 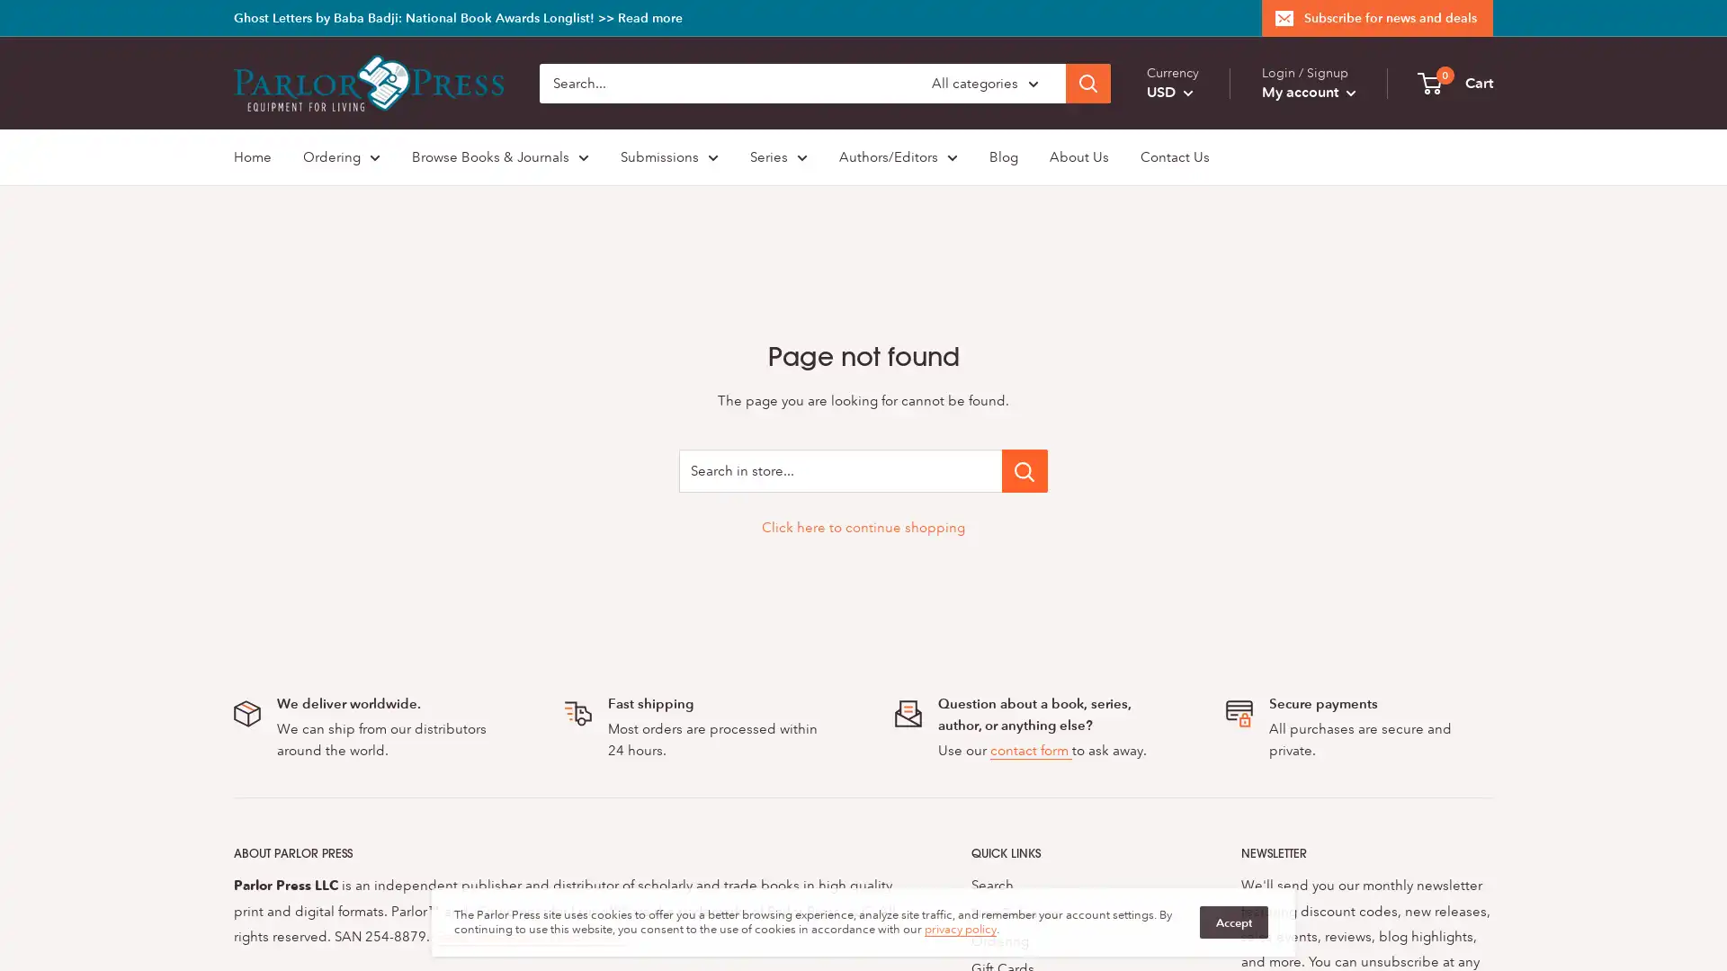 I want to click on Search, so click(x=1087, y=83).